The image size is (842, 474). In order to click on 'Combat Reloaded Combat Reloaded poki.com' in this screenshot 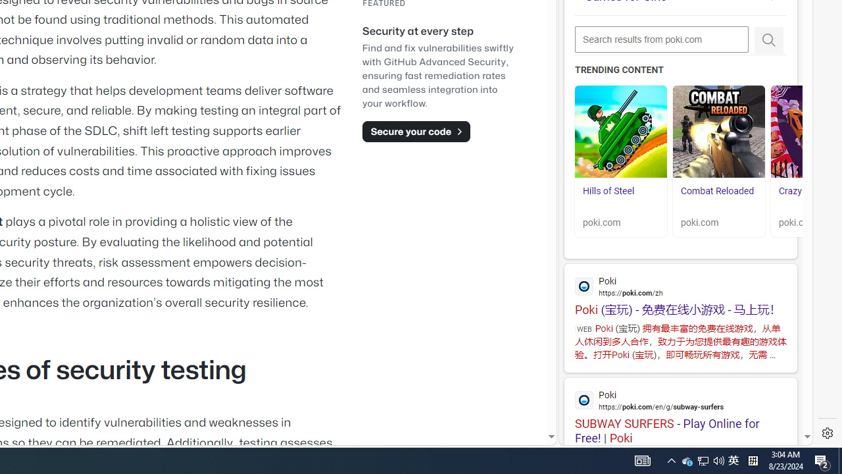, I will do `click(718, 161)`.